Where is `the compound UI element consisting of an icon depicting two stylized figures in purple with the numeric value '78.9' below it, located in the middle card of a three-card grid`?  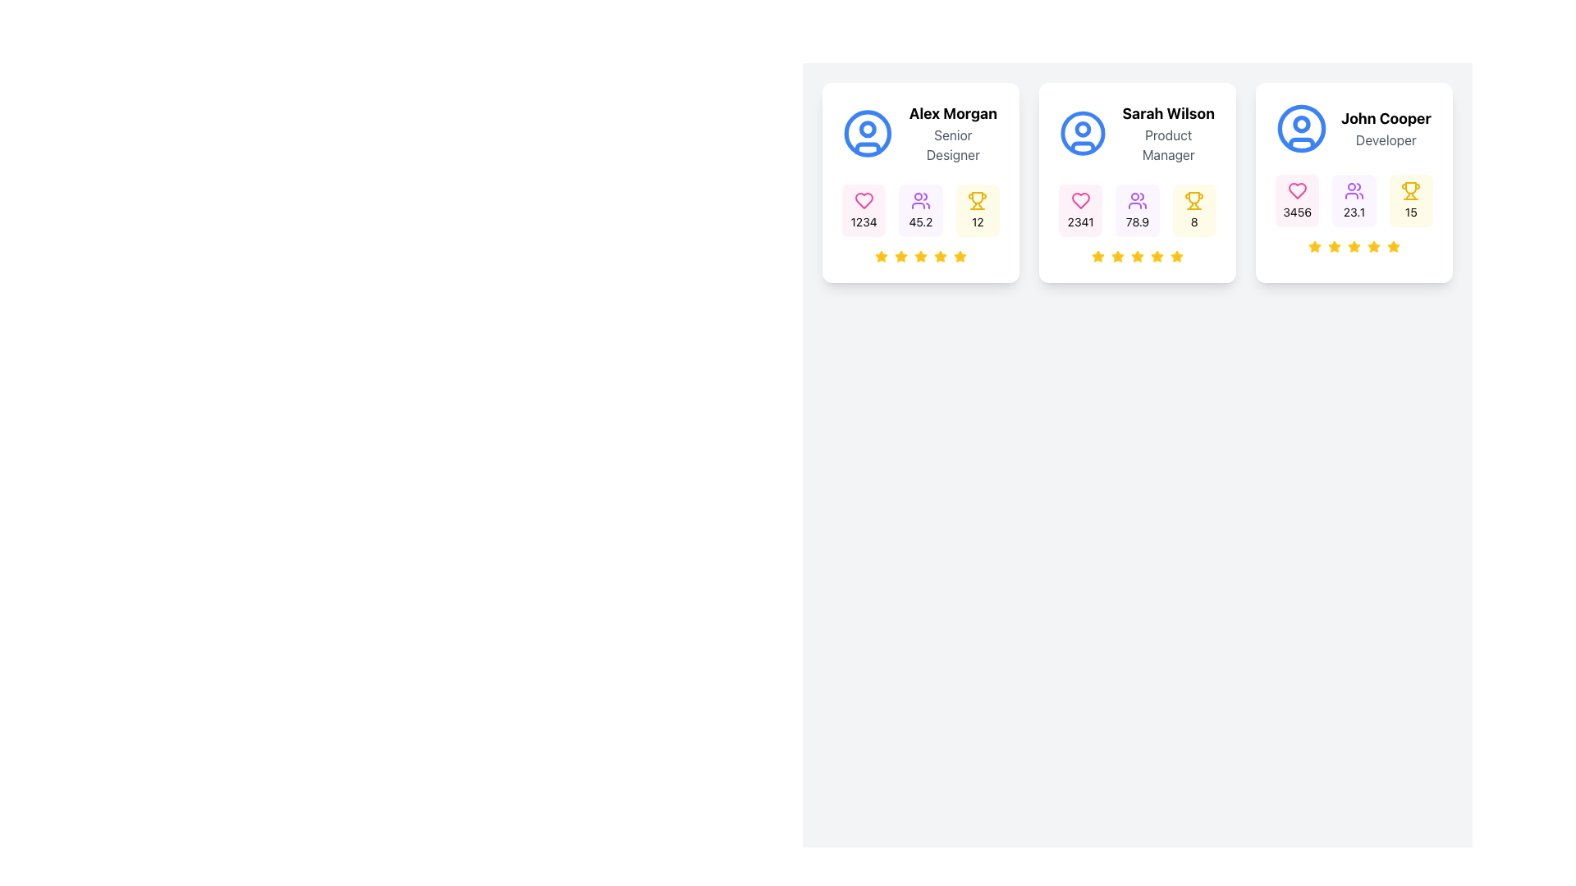
the compound UI element consisting of an icon depicting two stylized figures in purple with the numeric value '78.9' below it, located in the middle card of a three-card grid is located at coordinates (1137, 210).